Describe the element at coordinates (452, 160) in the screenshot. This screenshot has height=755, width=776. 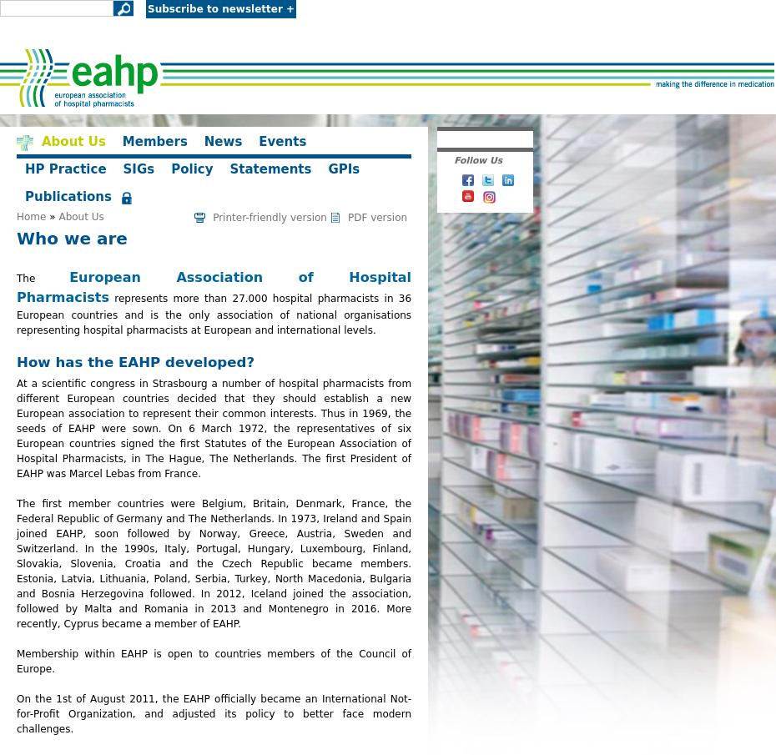
I see `'Follow Us'` at that location.